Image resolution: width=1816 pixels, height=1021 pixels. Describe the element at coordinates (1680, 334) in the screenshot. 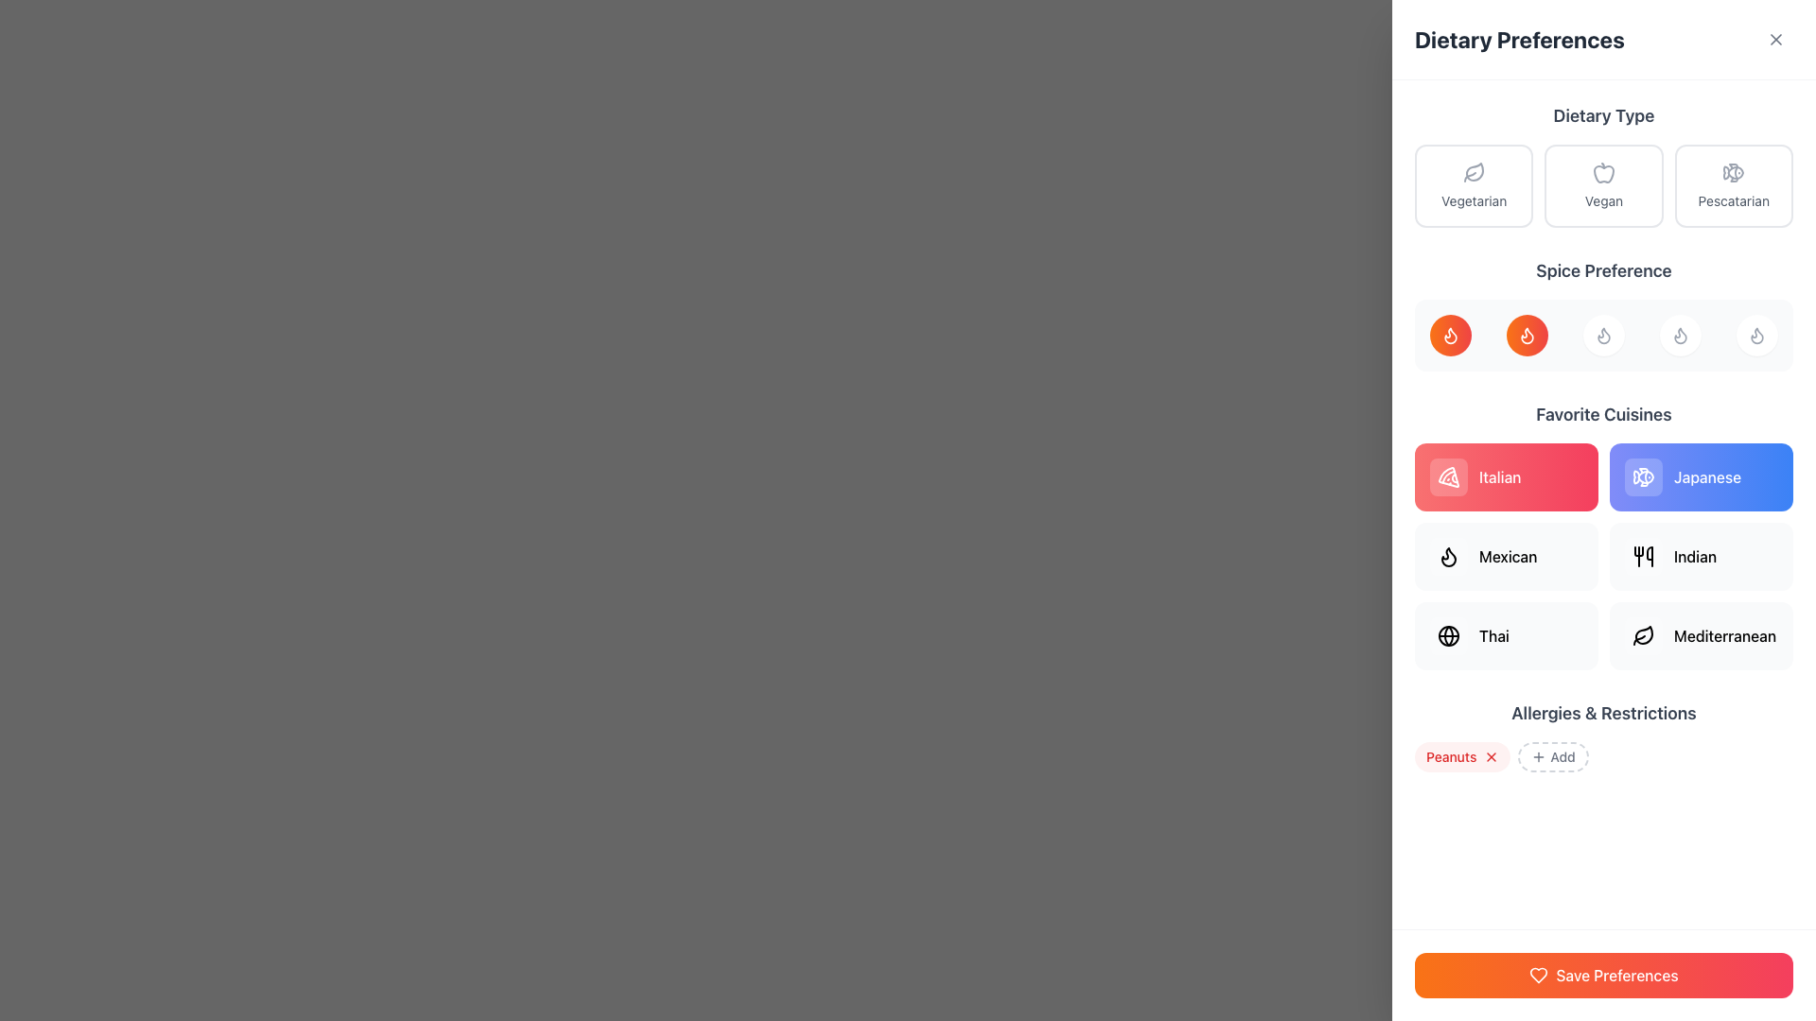

I see `the fourth button in the 'Spice Preference' section` at that location.